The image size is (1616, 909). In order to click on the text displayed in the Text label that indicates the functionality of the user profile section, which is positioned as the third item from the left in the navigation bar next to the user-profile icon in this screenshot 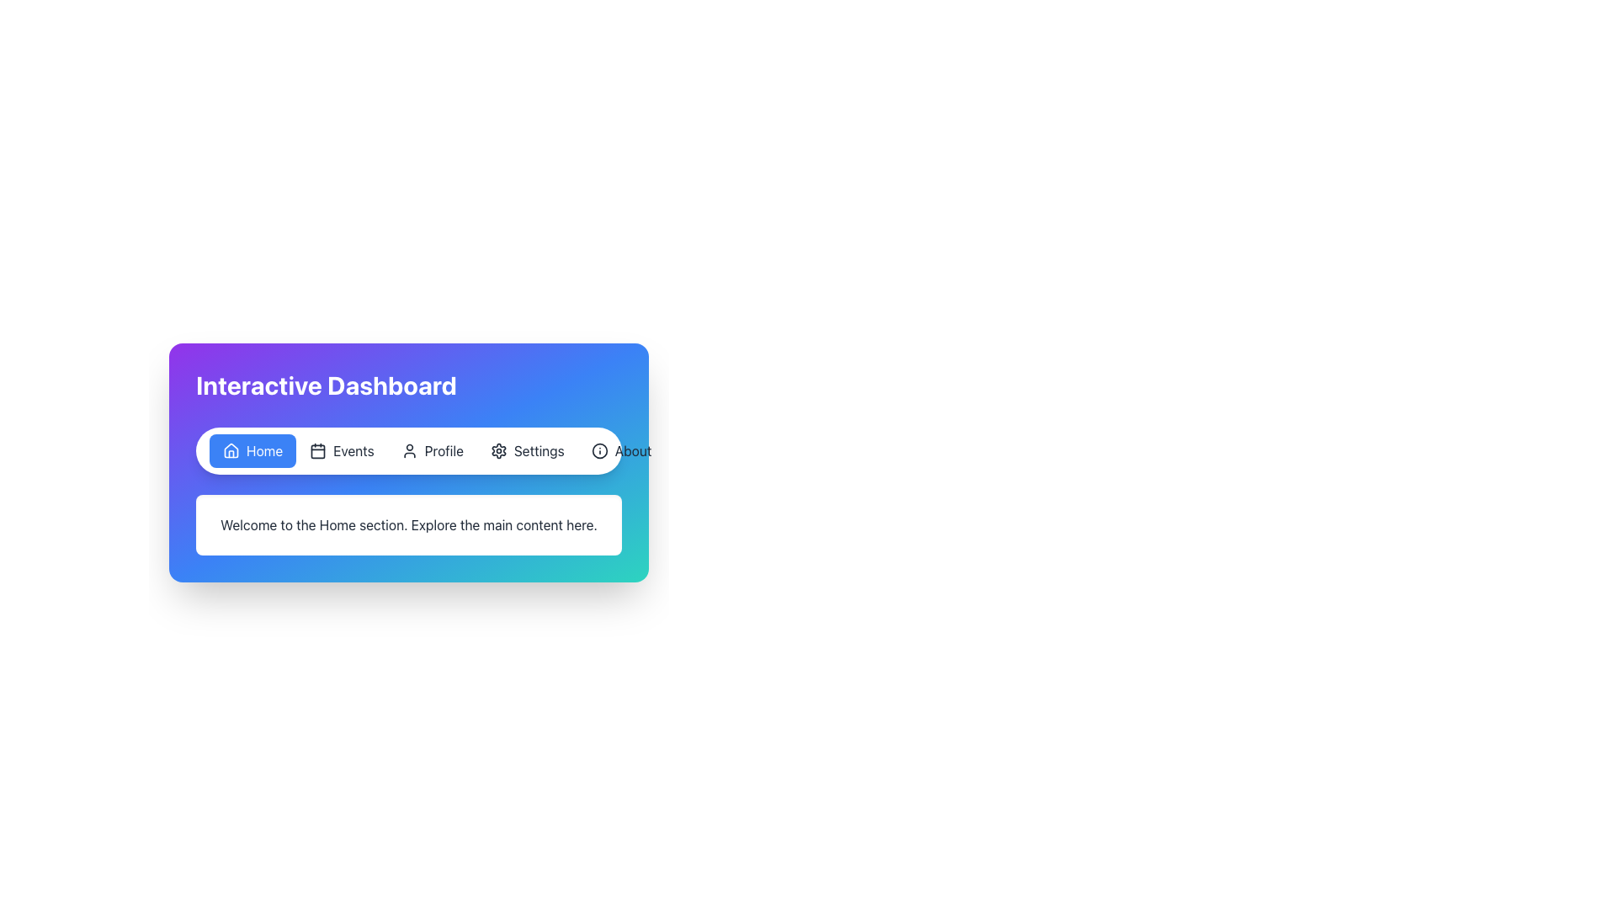, I will do `click(444, 450)`.